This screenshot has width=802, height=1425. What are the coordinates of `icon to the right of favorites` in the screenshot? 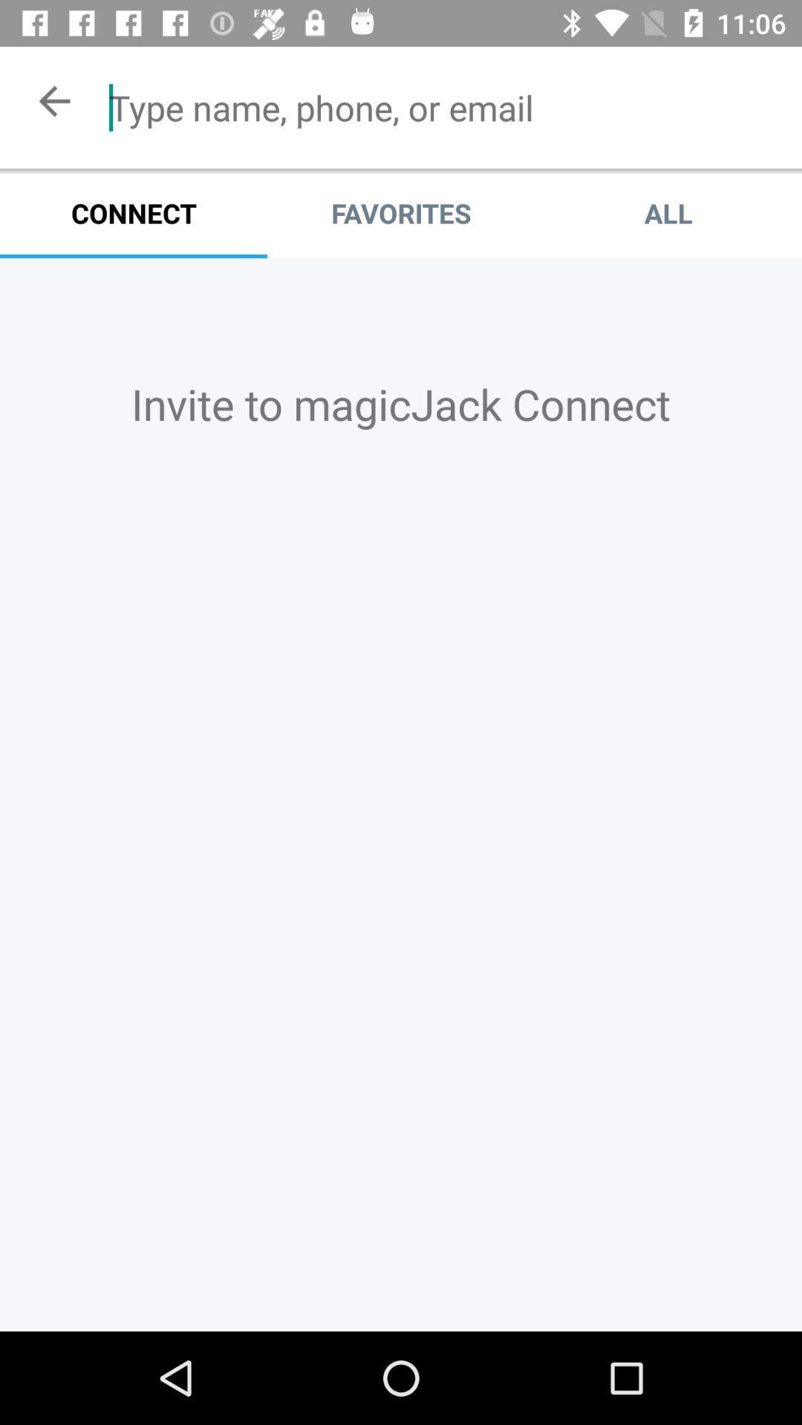 It's located at (667, 212).